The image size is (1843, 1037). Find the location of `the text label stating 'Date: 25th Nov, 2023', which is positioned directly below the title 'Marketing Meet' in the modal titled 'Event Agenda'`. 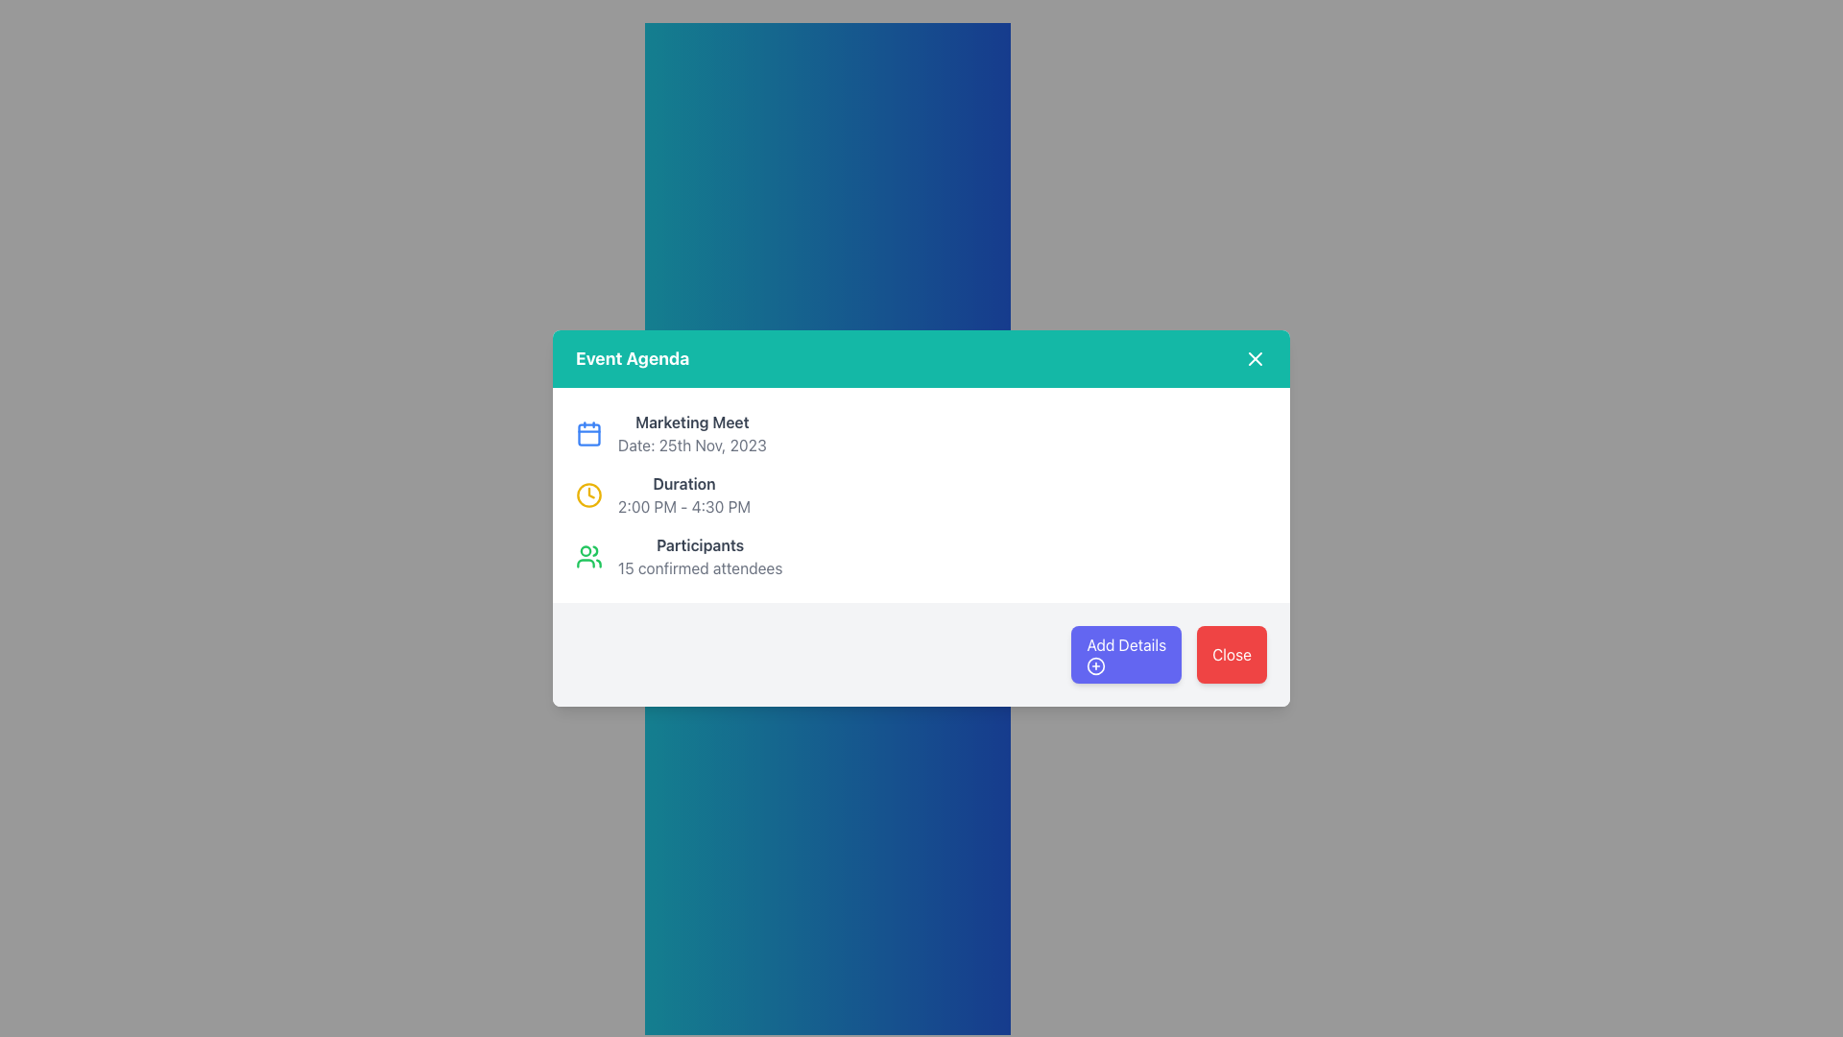

the text label stating 'Date: 25th Nov, 2023', which is positioned directly below the title 'Marketing Meet' in the modal titled 'Event Agenda' is located at coordinates (691, 445).